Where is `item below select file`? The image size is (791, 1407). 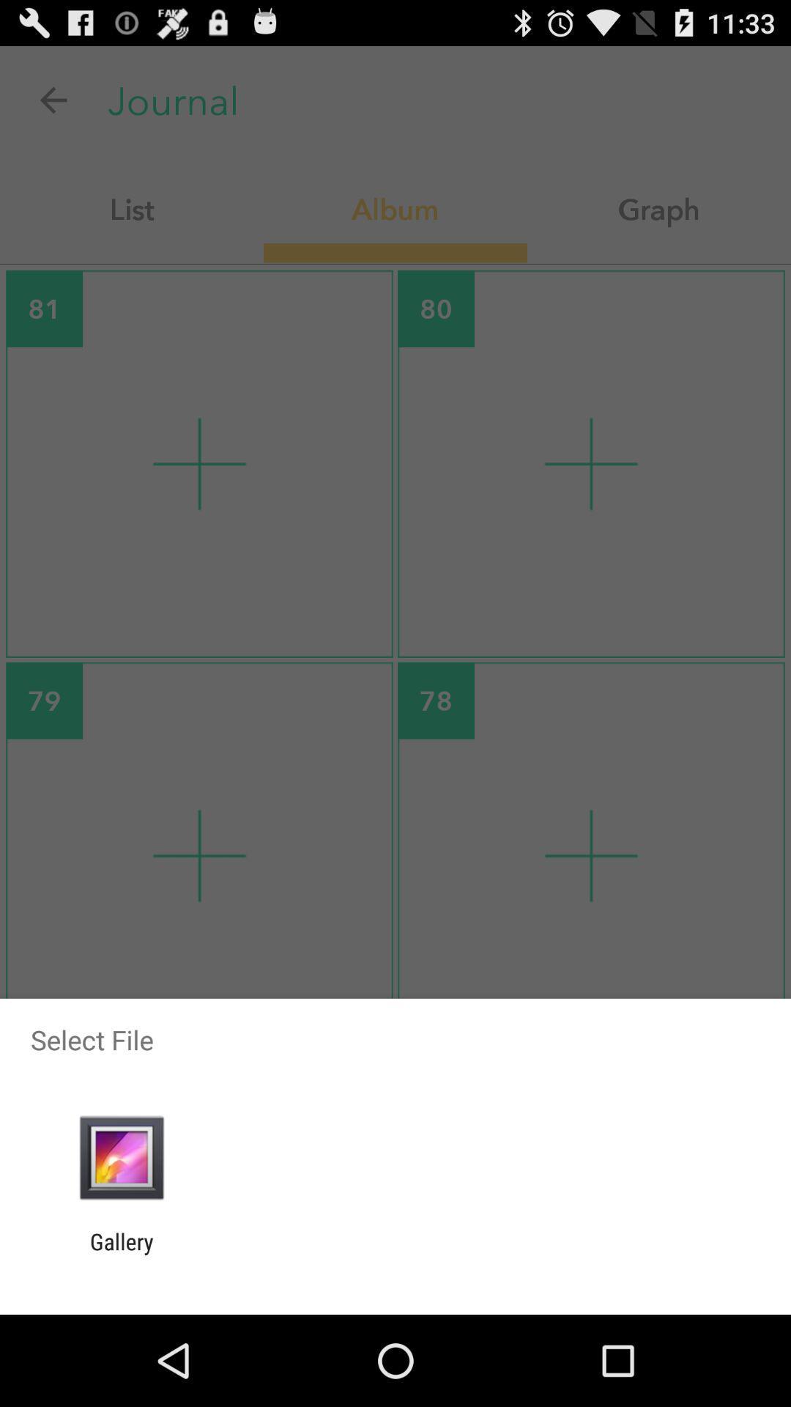
item below select file is located at coordinates (121, 1157).